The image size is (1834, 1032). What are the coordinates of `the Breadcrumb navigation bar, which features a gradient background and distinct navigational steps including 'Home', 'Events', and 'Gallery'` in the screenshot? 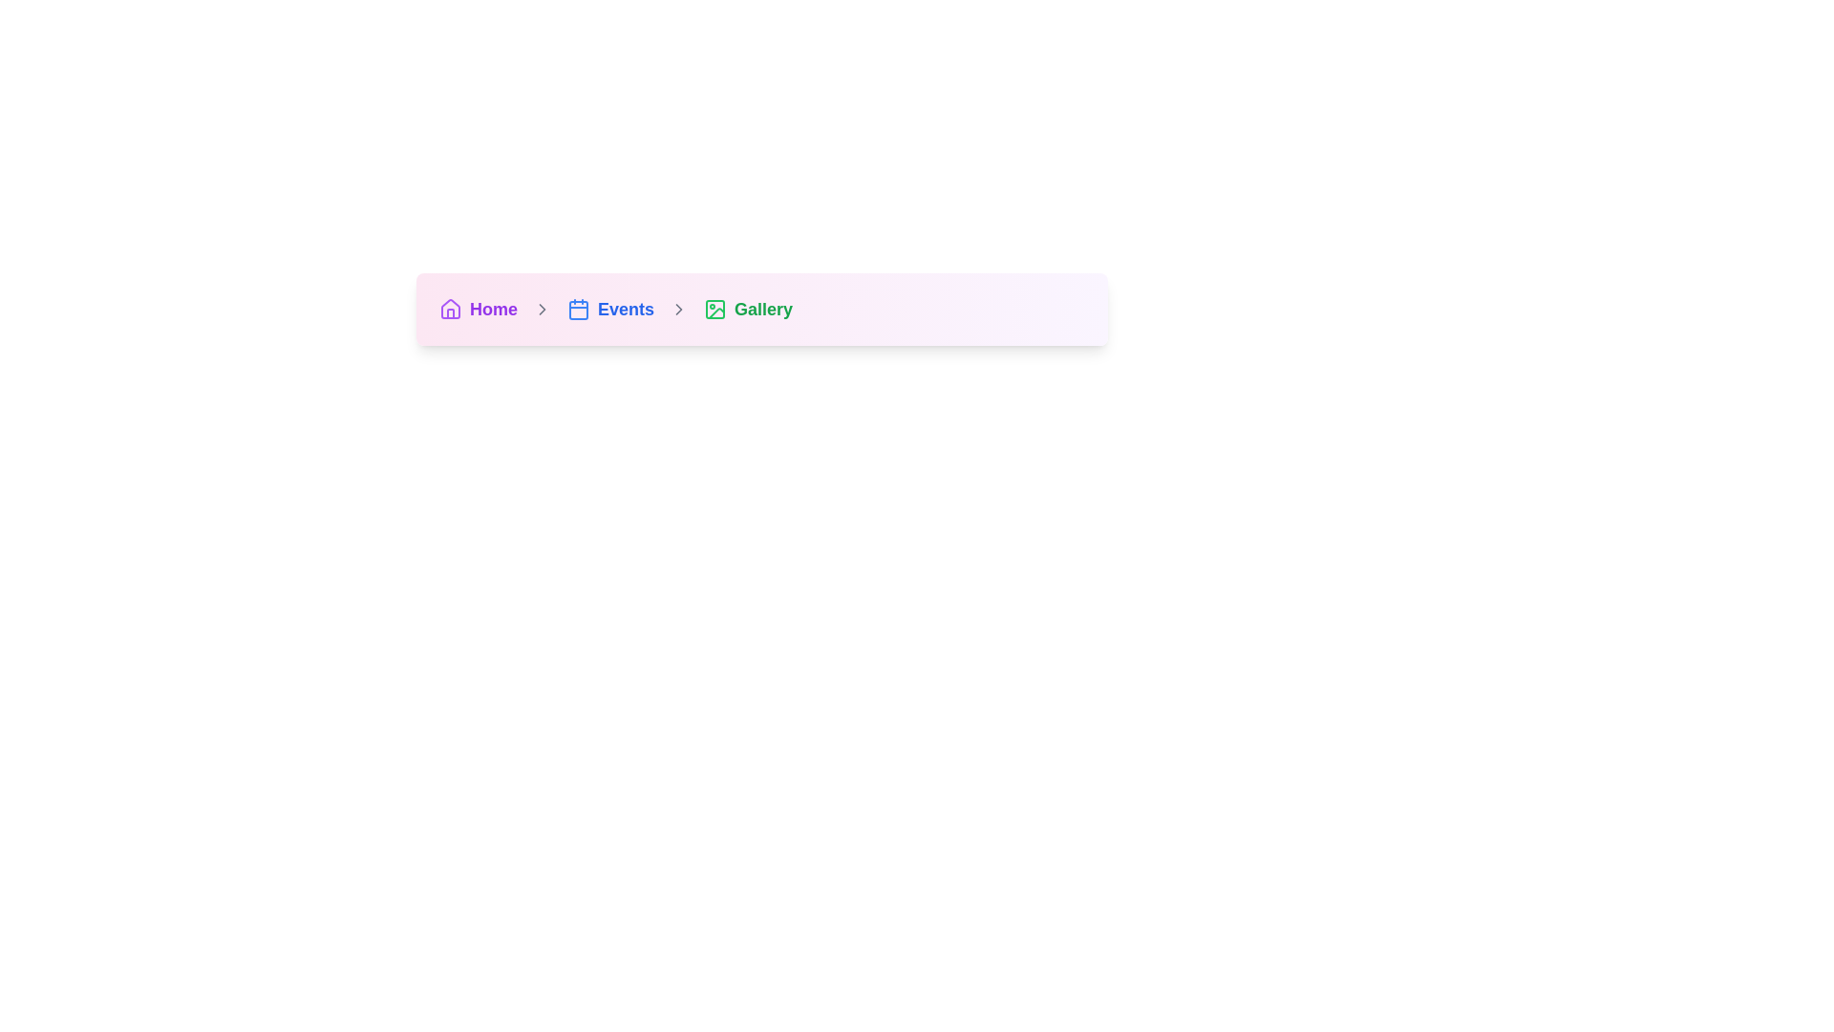 It's located at (760, 309).